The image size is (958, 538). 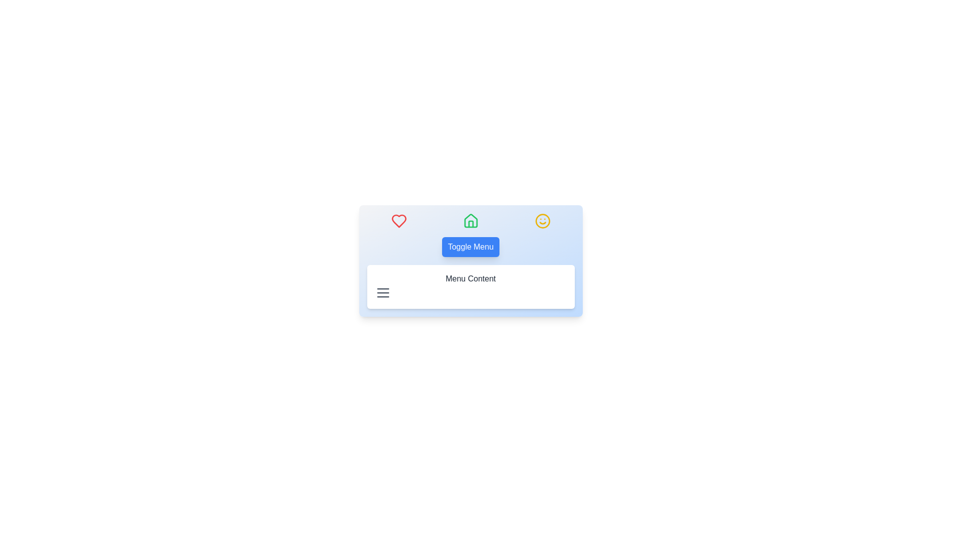 What do you see at coordinates (382, 292) in the screenshot?
I see `the SVG Icon representing the menu, which is located to the left of the 'Menu Content' text and is part of the interface for navigation` at bounding box center [382, 292].